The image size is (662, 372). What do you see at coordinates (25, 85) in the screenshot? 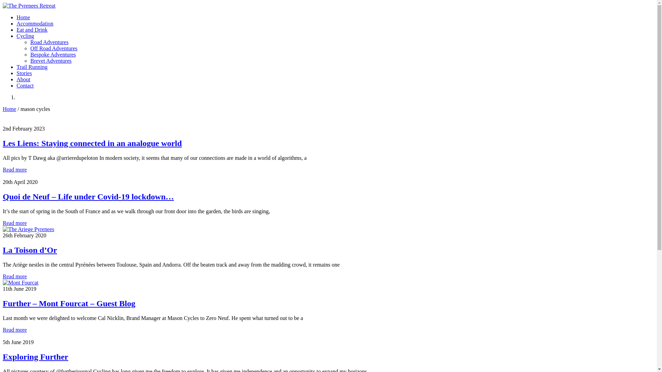
I see `'Contact'` at bounding box center [25, 85].